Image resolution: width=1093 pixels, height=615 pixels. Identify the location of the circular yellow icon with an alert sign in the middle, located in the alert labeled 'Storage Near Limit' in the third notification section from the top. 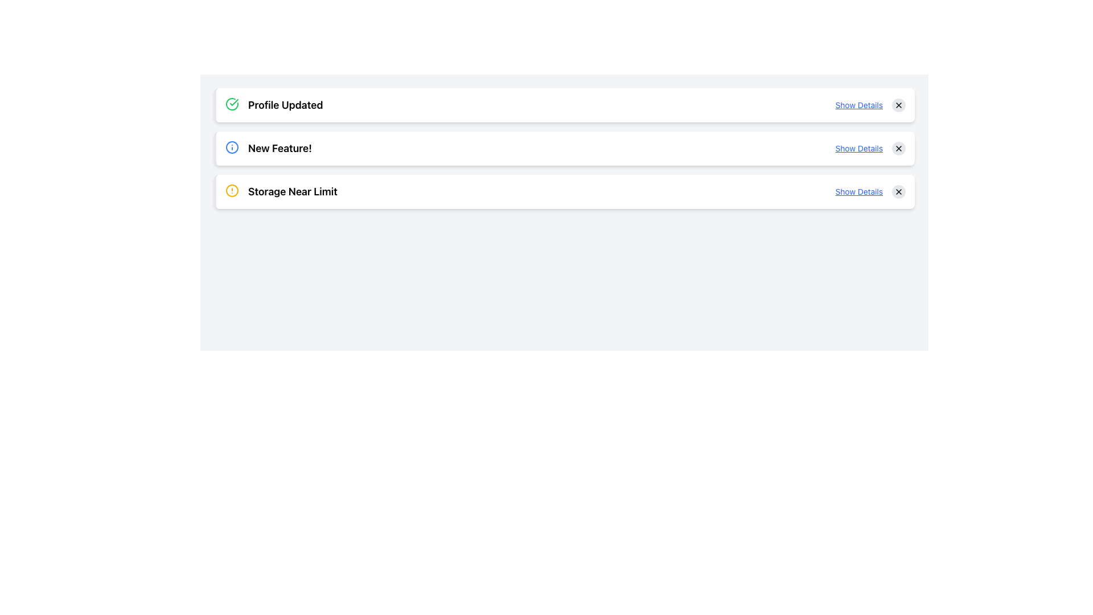
(232, 190).